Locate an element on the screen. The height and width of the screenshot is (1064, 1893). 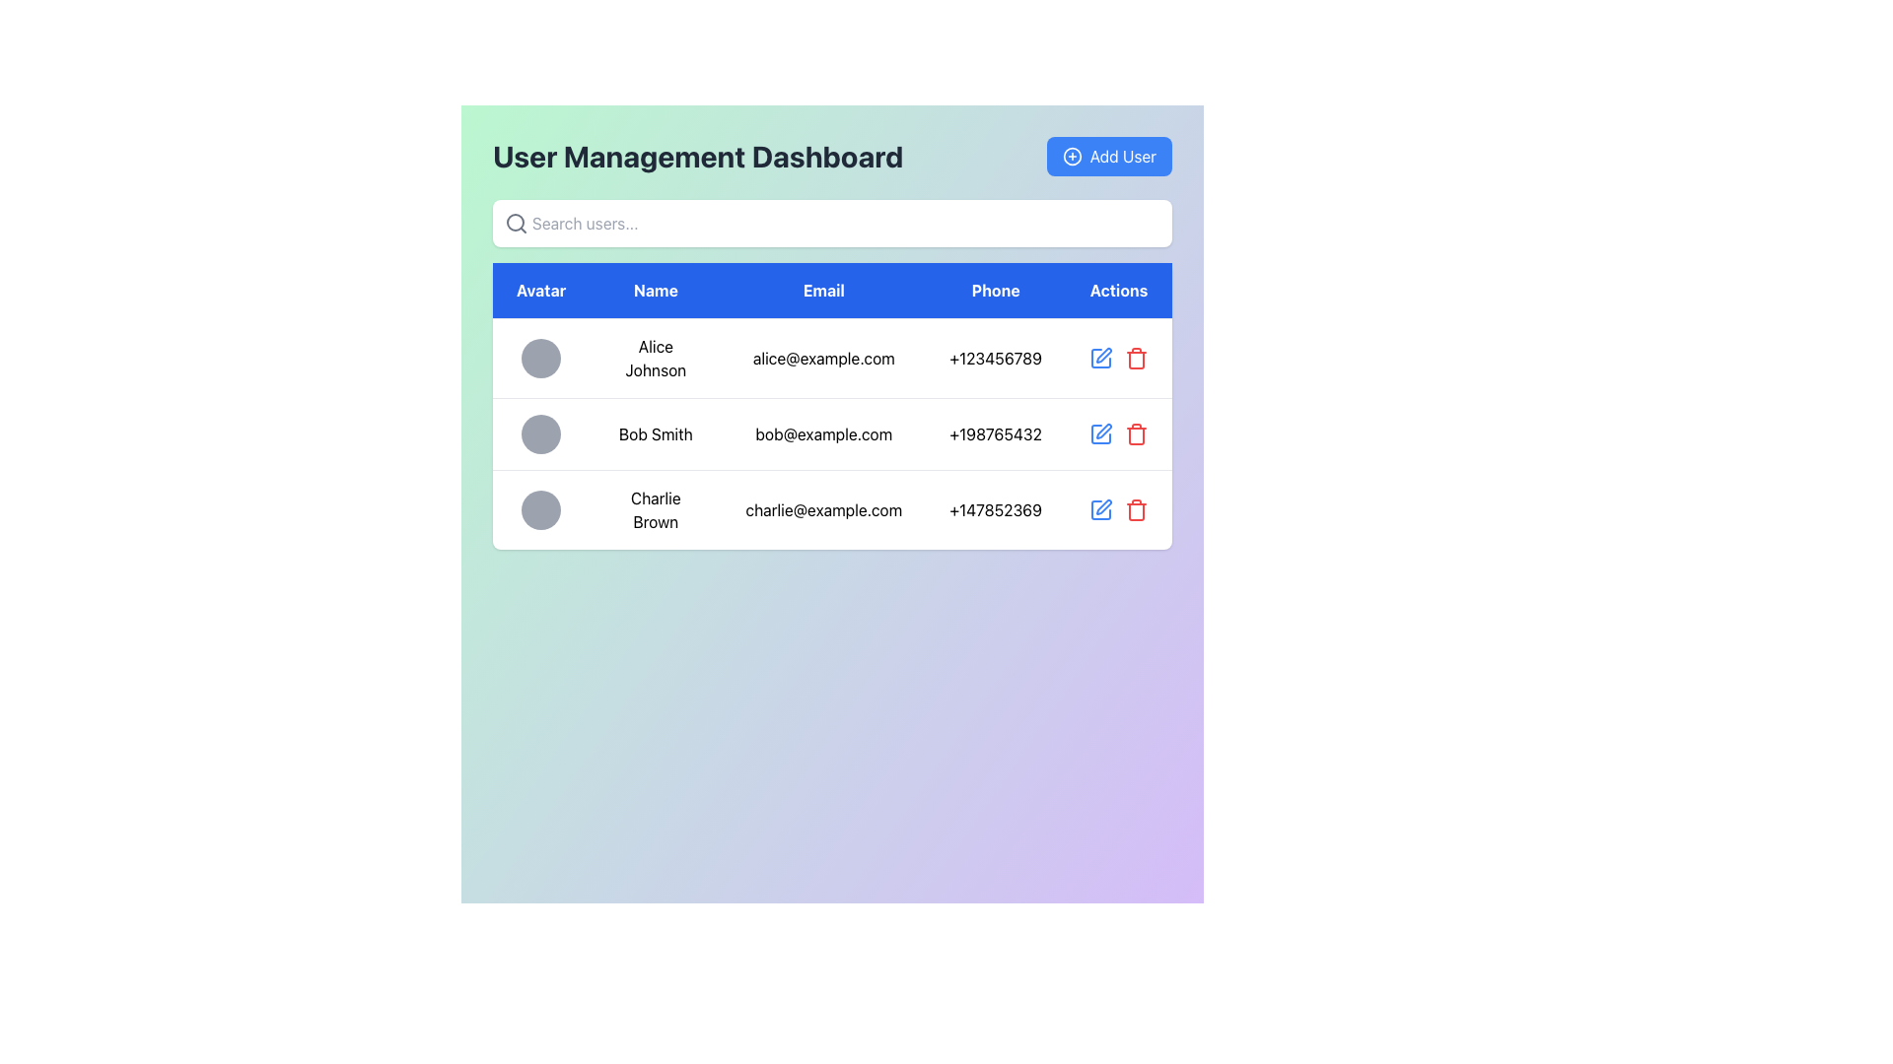
the SVG circle element that is centered within the '+' icon representing the 'Add User' button, located at the top-right corner of the interface is located at coordinates (1071, 155).